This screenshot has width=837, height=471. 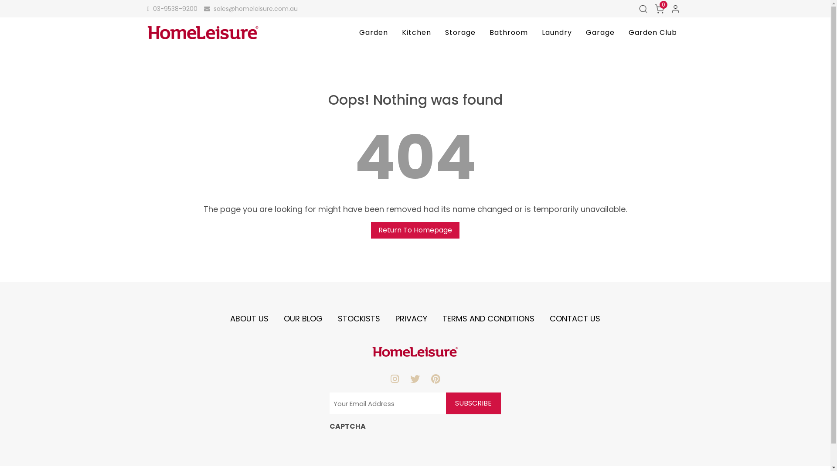 I want to click on 'STOCKISTS', so click(x=359, y=318).